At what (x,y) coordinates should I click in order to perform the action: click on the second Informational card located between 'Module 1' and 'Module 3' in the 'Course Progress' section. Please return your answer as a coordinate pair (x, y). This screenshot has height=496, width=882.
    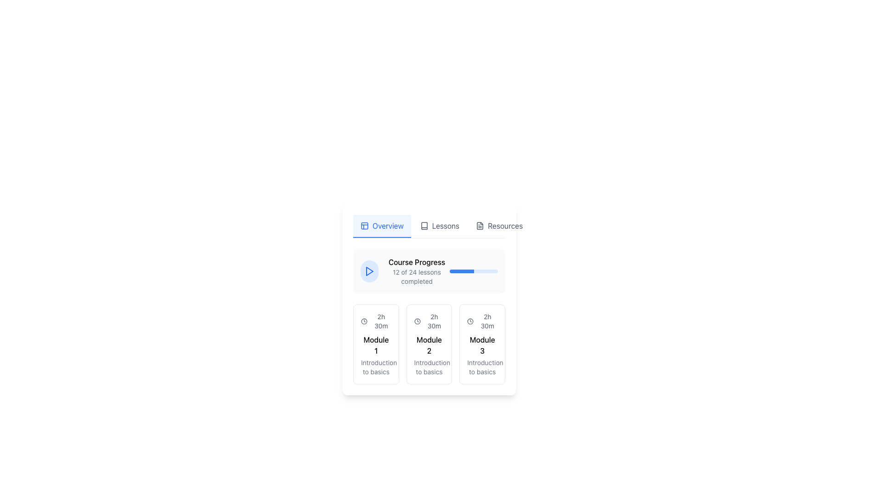
    Looking at the image, I should click on (429, 316).